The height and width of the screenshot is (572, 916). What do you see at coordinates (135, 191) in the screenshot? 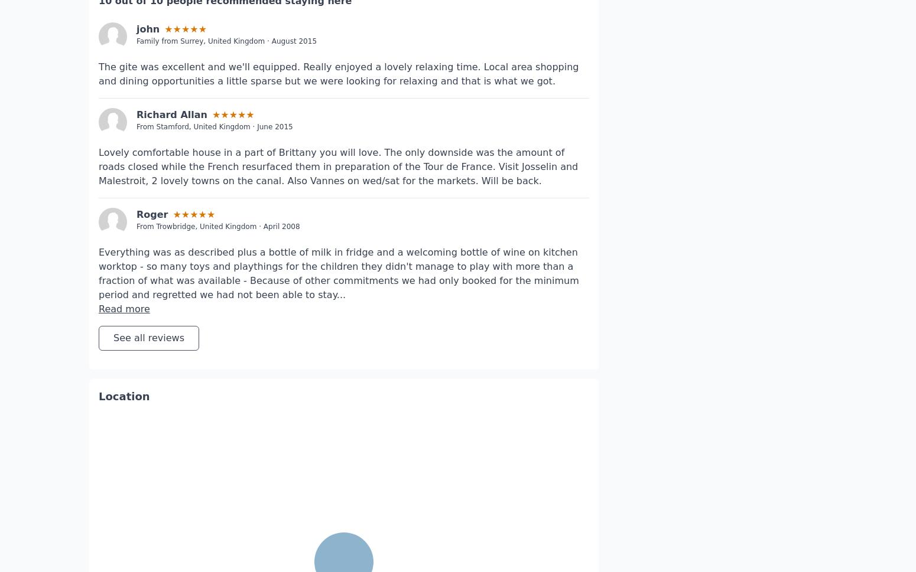
I see `'From Trowbridge, United Kingdom'` at bounding box center [135, 191].